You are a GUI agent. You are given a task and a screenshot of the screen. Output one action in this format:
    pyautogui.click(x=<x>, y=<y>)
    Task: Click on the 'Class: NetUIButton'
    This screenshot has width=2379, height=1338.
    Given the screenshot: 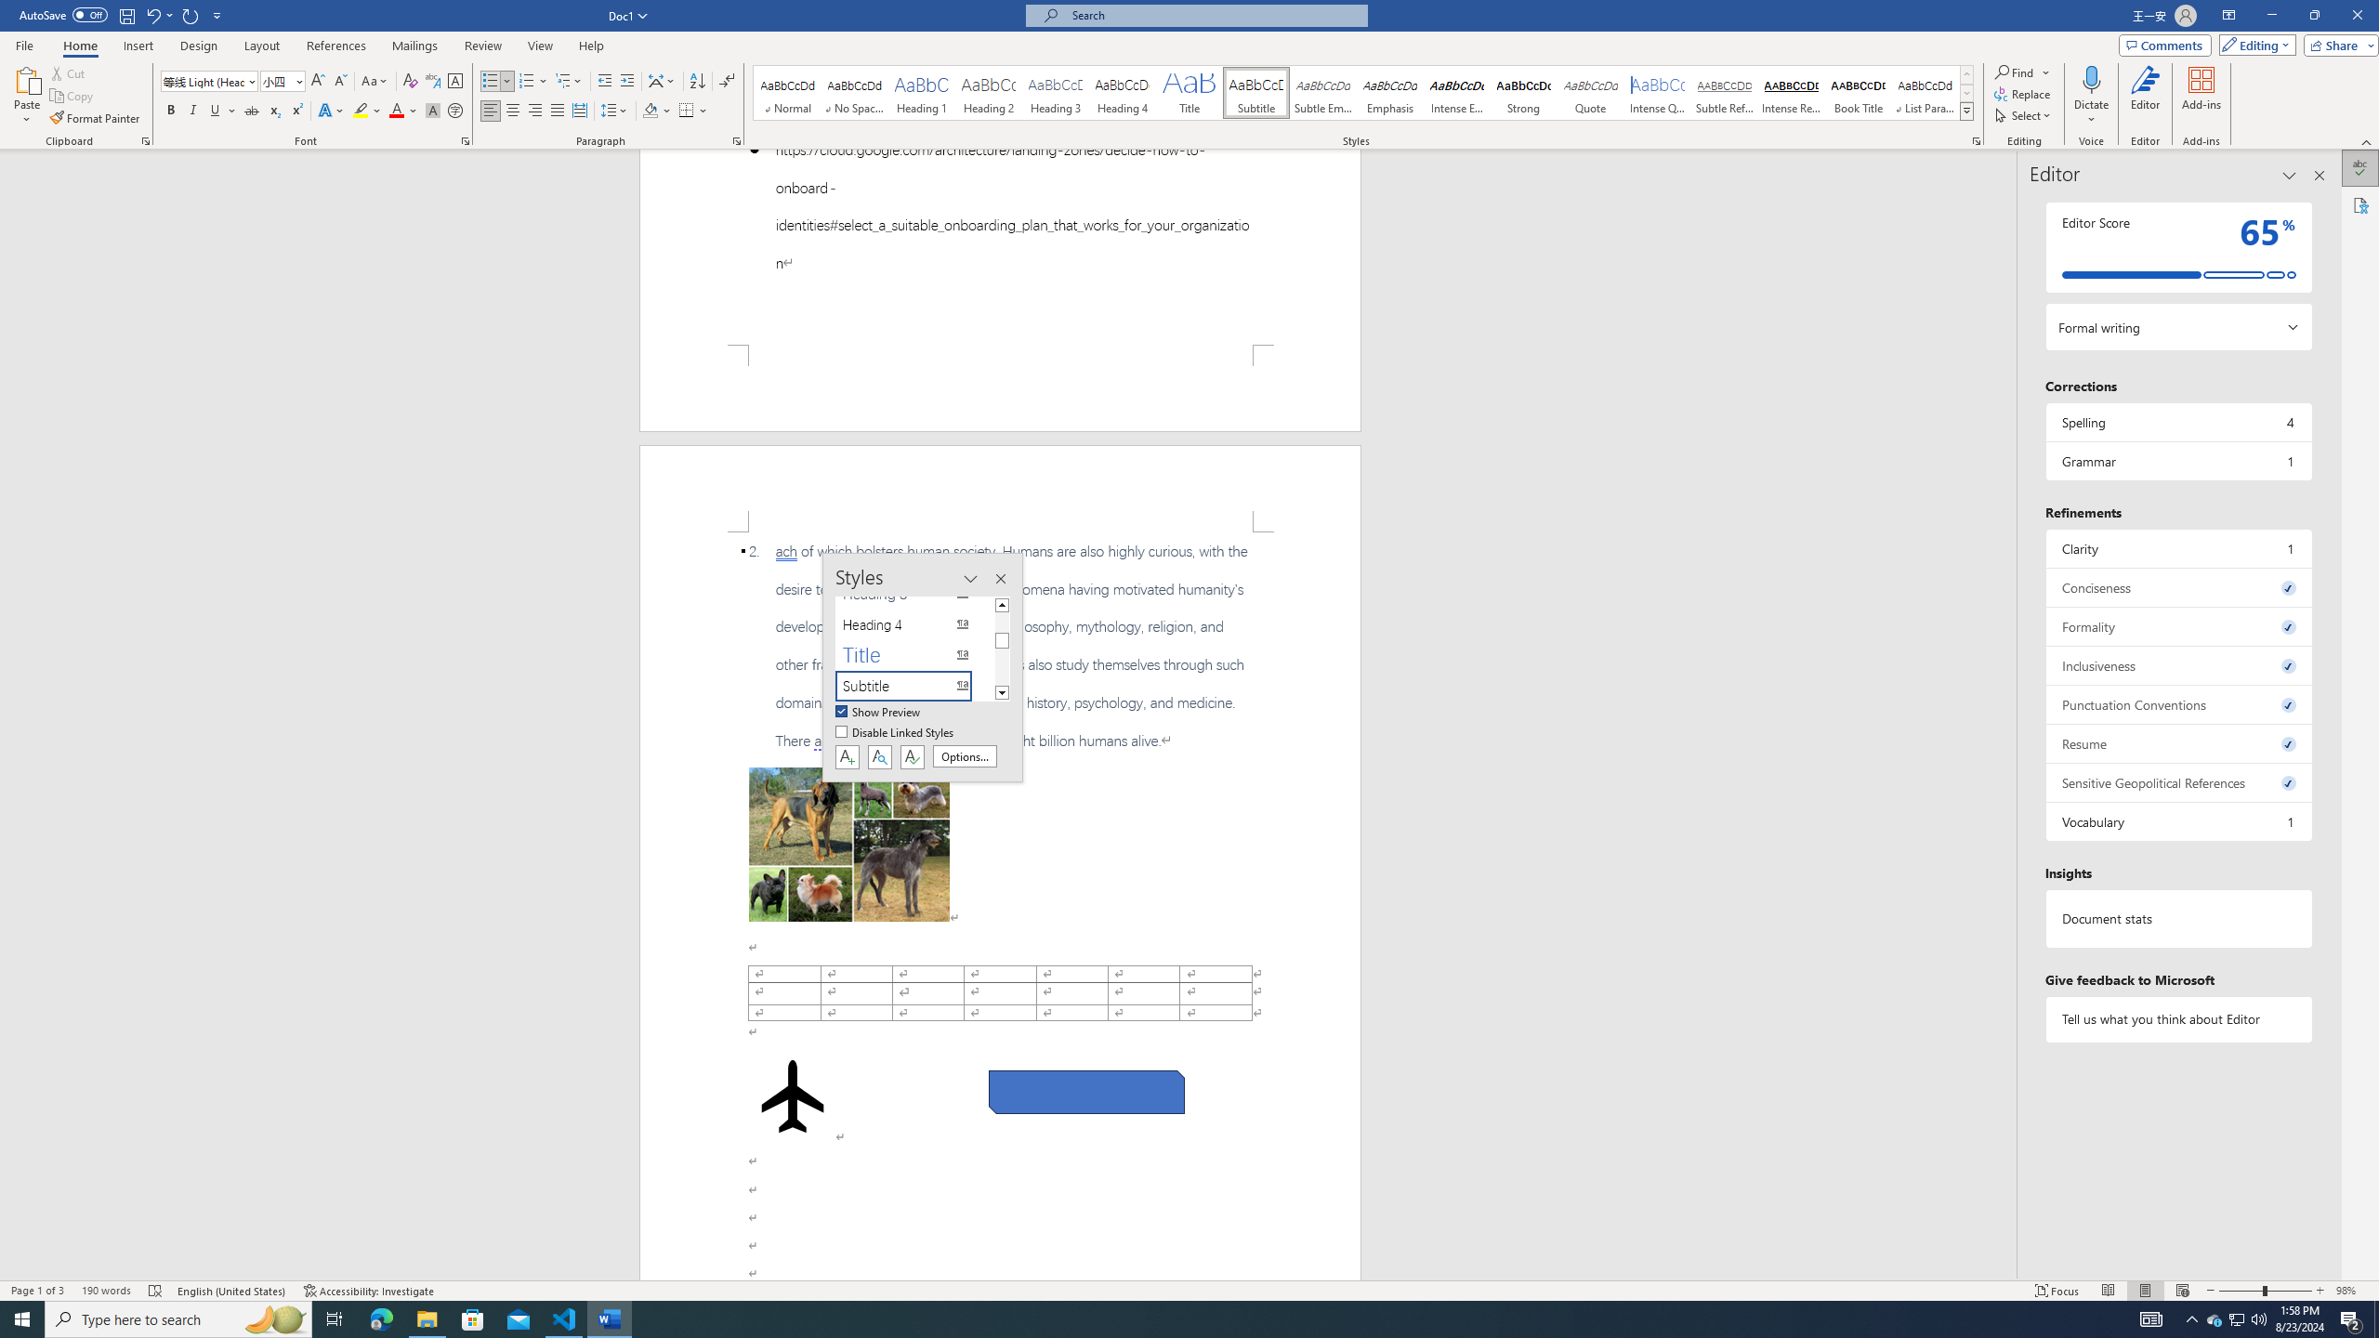 What is the action you would take?
    pyautogui.click(x=913, y=757)
    